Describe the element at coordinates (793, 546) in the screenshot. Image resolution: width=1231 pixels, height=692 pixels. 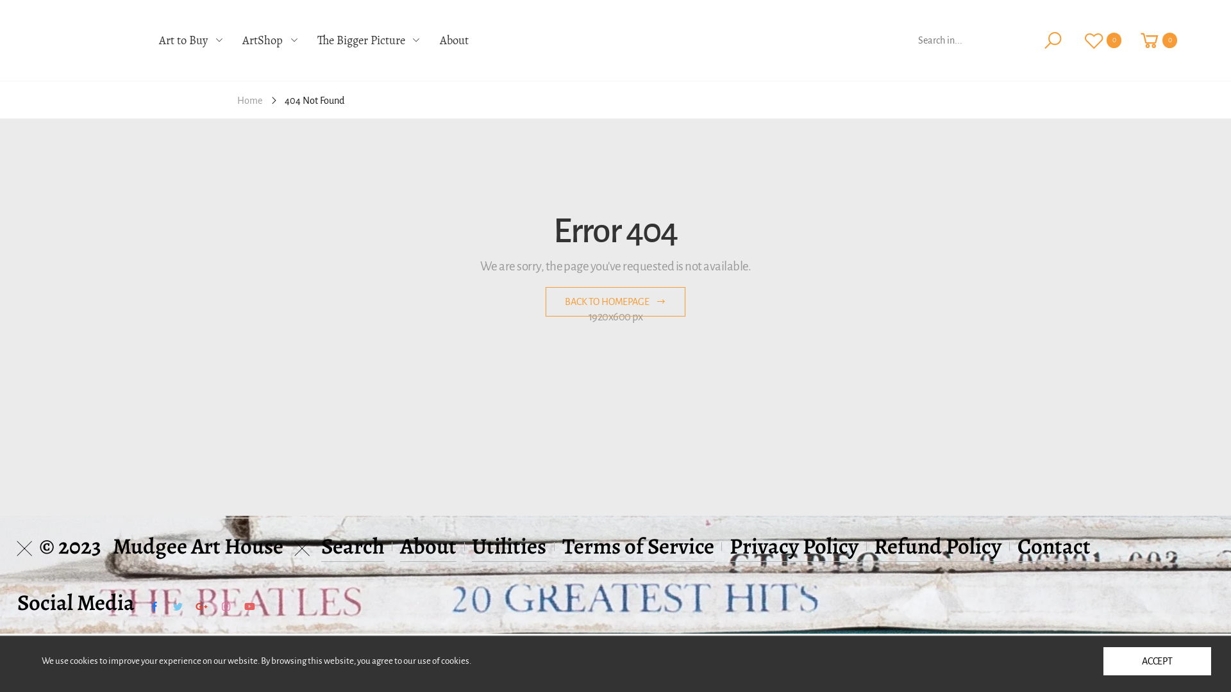
I see `'Privacy Policy'` at that location.